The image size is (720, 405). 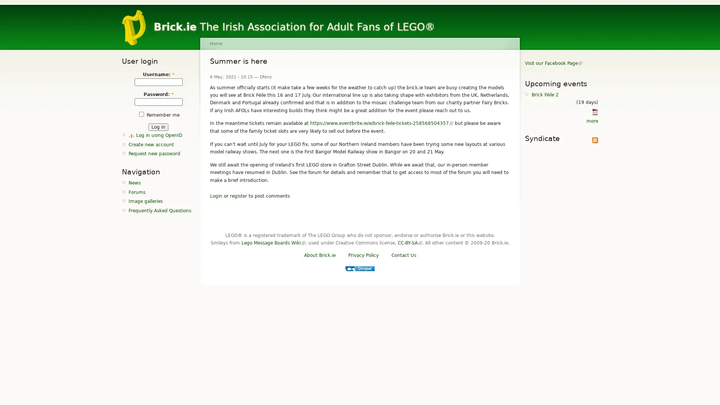 I want to click on Log in, so click(x=158, y=126).